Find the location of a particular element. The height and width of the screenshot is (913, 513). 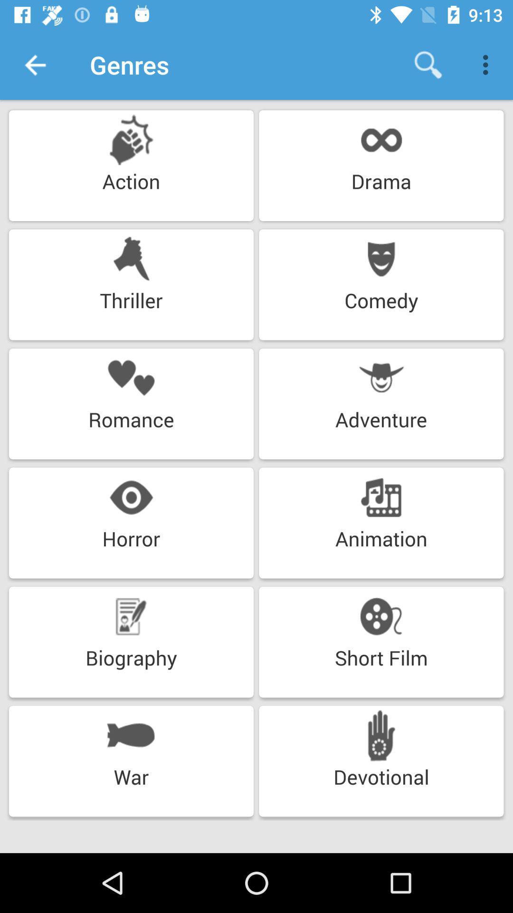

the item above action icon is located at coordinates (34, 64).